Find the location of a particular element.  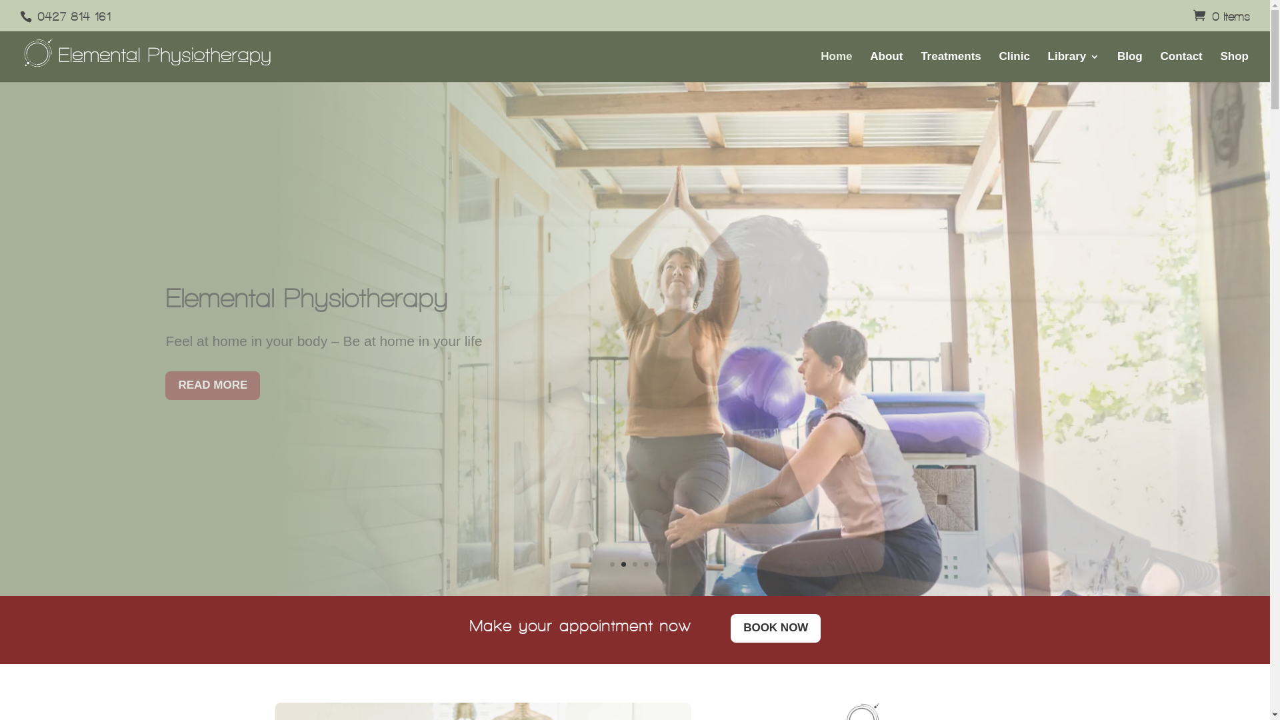

'Contact' is located at coordinates (1181, 67).